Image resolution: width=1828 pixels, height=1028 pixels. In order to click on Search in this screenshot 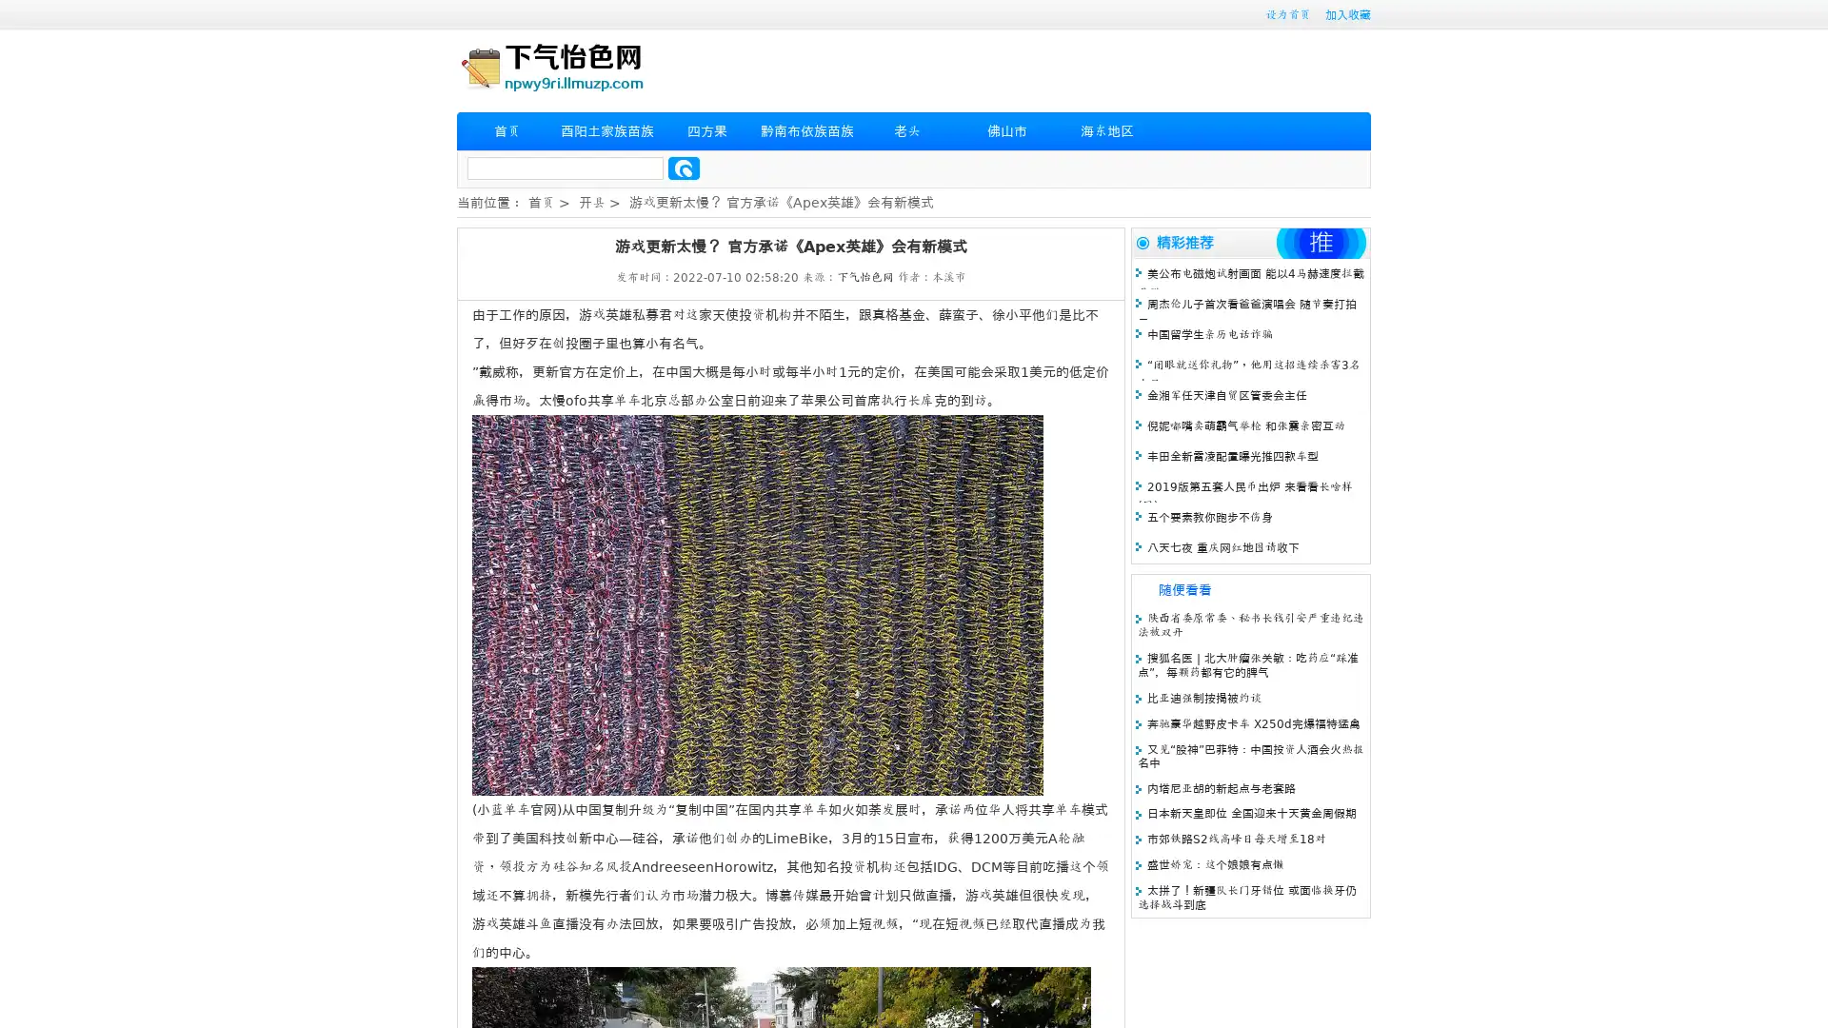, I will do `click(684, 168)`.